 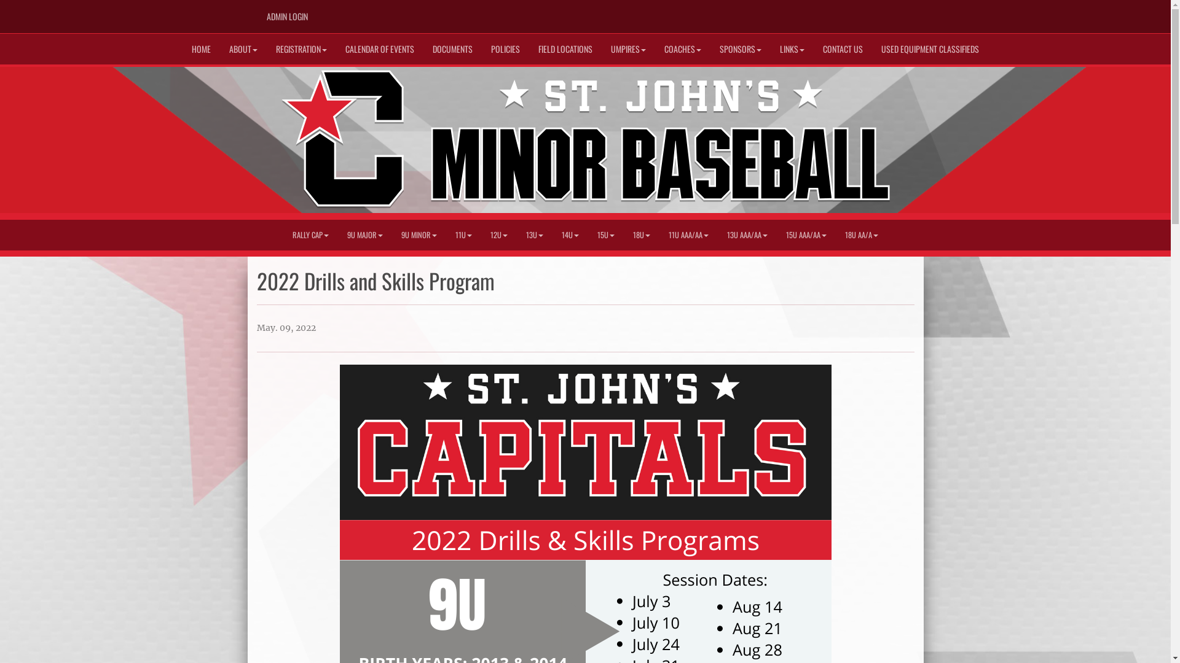 What do you see at coordinates (792, 48) in the screenshot?
I see `'LINKS'` at bounding box center [792, 48].